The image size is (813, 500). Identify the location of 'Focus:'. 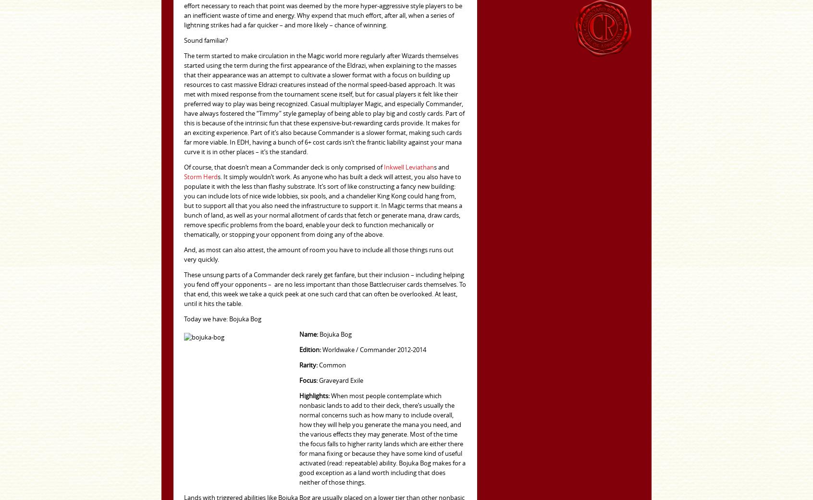
(308, 380).